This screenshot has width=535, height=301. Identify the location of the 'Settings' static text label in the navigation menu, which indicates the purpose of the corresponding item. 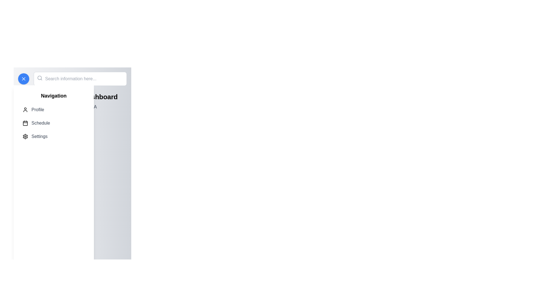
(39, 136).